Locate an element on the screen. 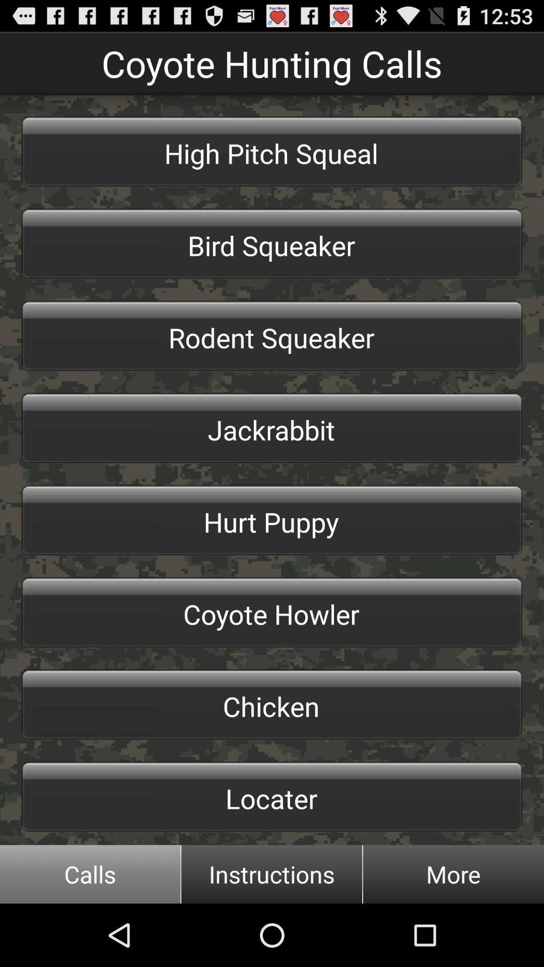 Image resolution: width=544 pixels, height=967 pixels. app above the calls is located at coordinates (272, 796).